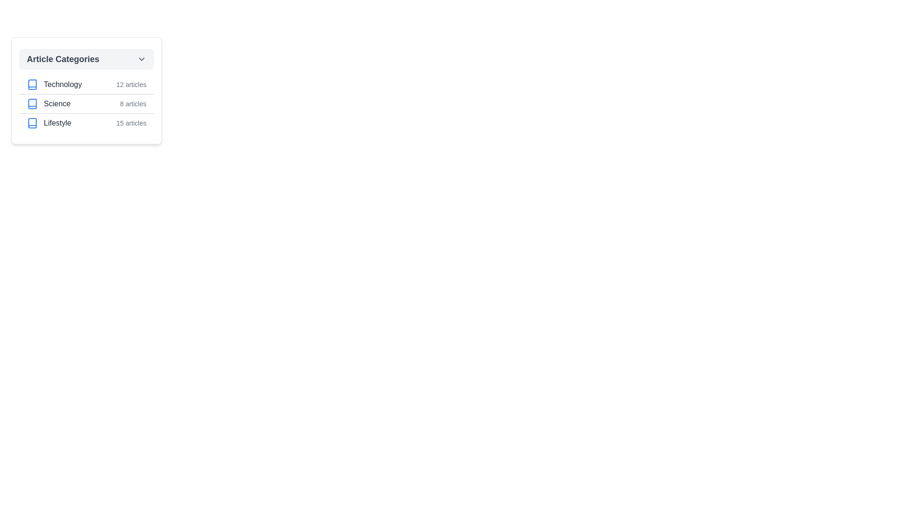 This screenshot has width=904, height=508. What do you see at coordinates (86, 103) in the screenshot?
I see `the selectable checkbox for the 'Science' category in the Article Categories list` at bounding box center [86, 103].